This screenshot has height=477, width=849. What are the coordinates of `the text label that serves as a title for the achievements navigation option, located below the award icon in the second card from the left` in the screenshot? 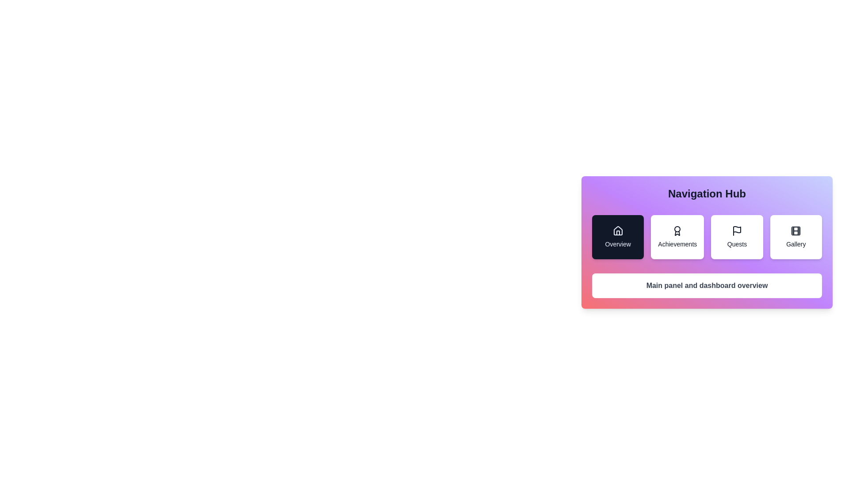 It's located at (677, 244).